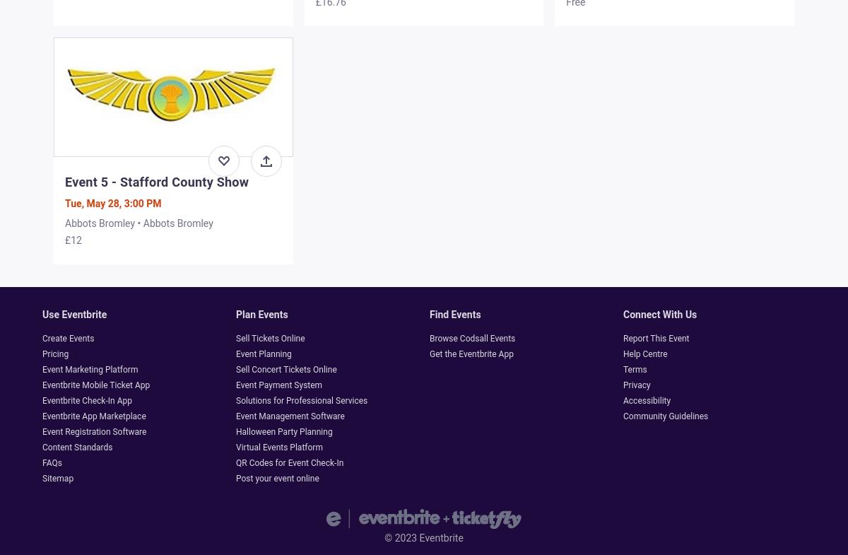  What do you see at coordinates (277, 478) in the screenshot?
I see `'Post your event online'` at bounding box center [277, 478].